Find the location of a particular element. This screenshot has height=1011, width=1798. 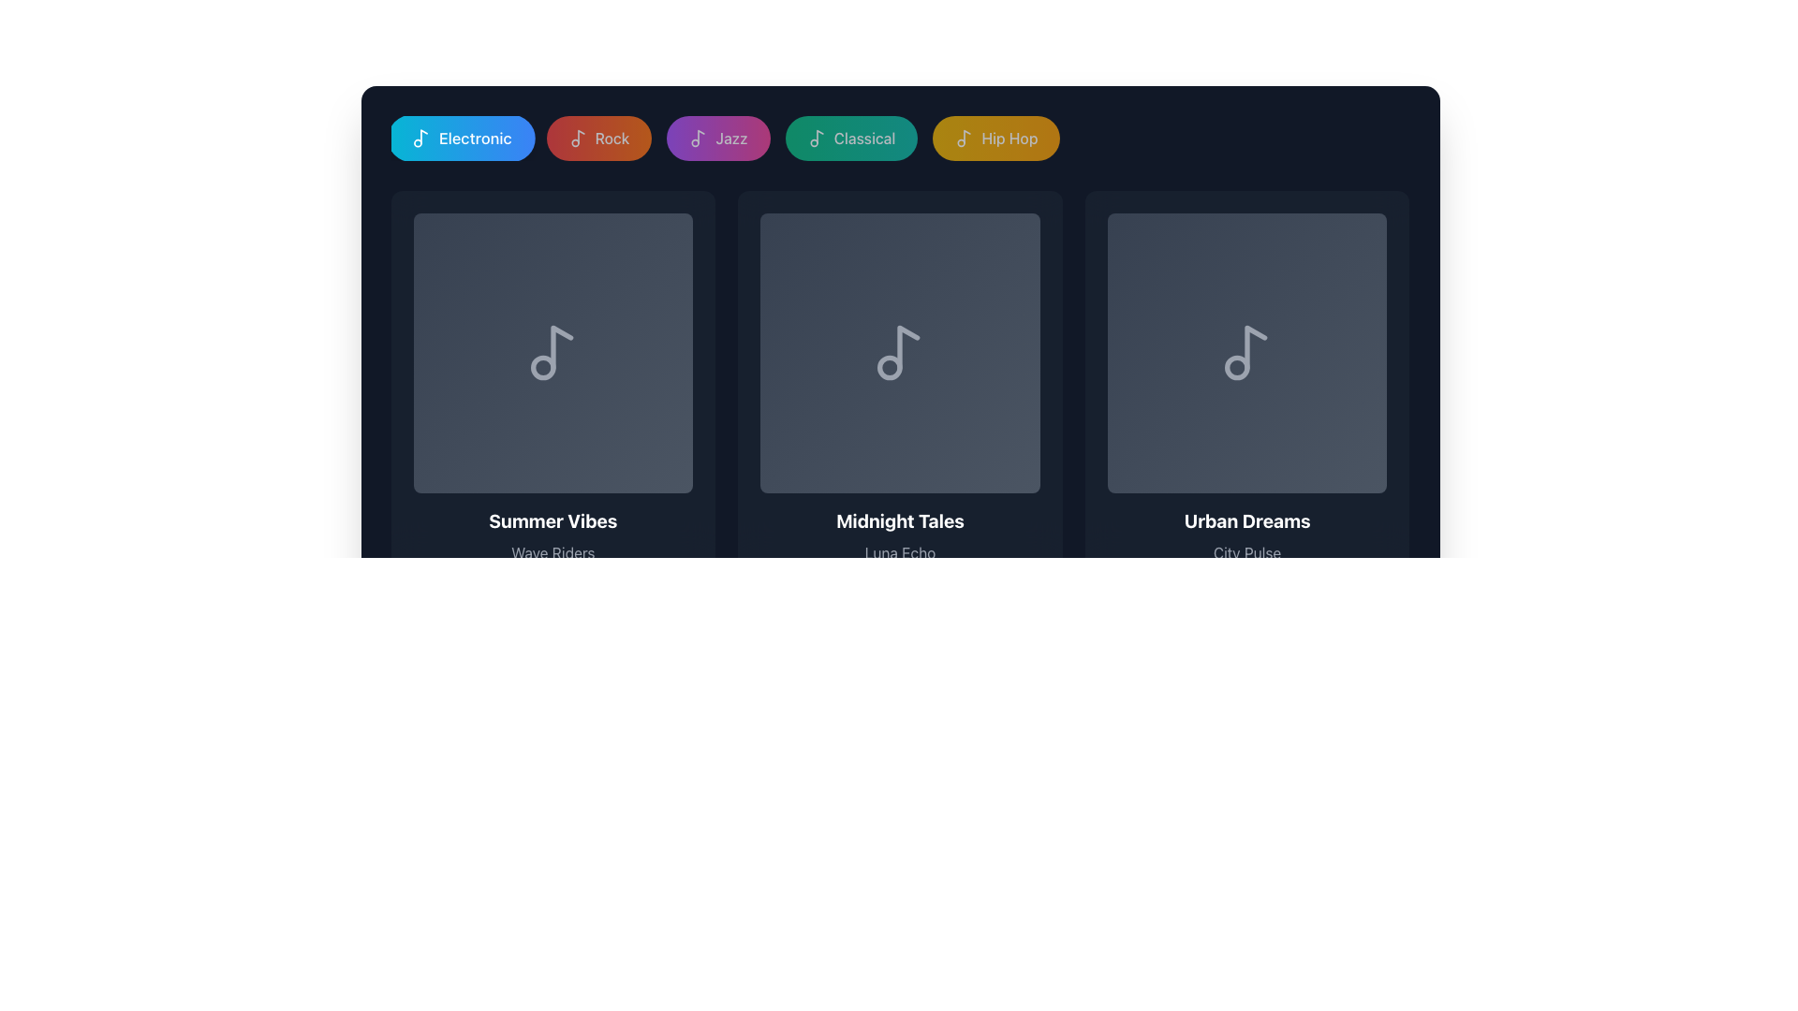

informative text block titled 'Urban Dreams' located in the bottom-right region of the third visual card, which includes the subtitle 'City Pulse' and lists duration and track count is located at coordinates (1247, 548).